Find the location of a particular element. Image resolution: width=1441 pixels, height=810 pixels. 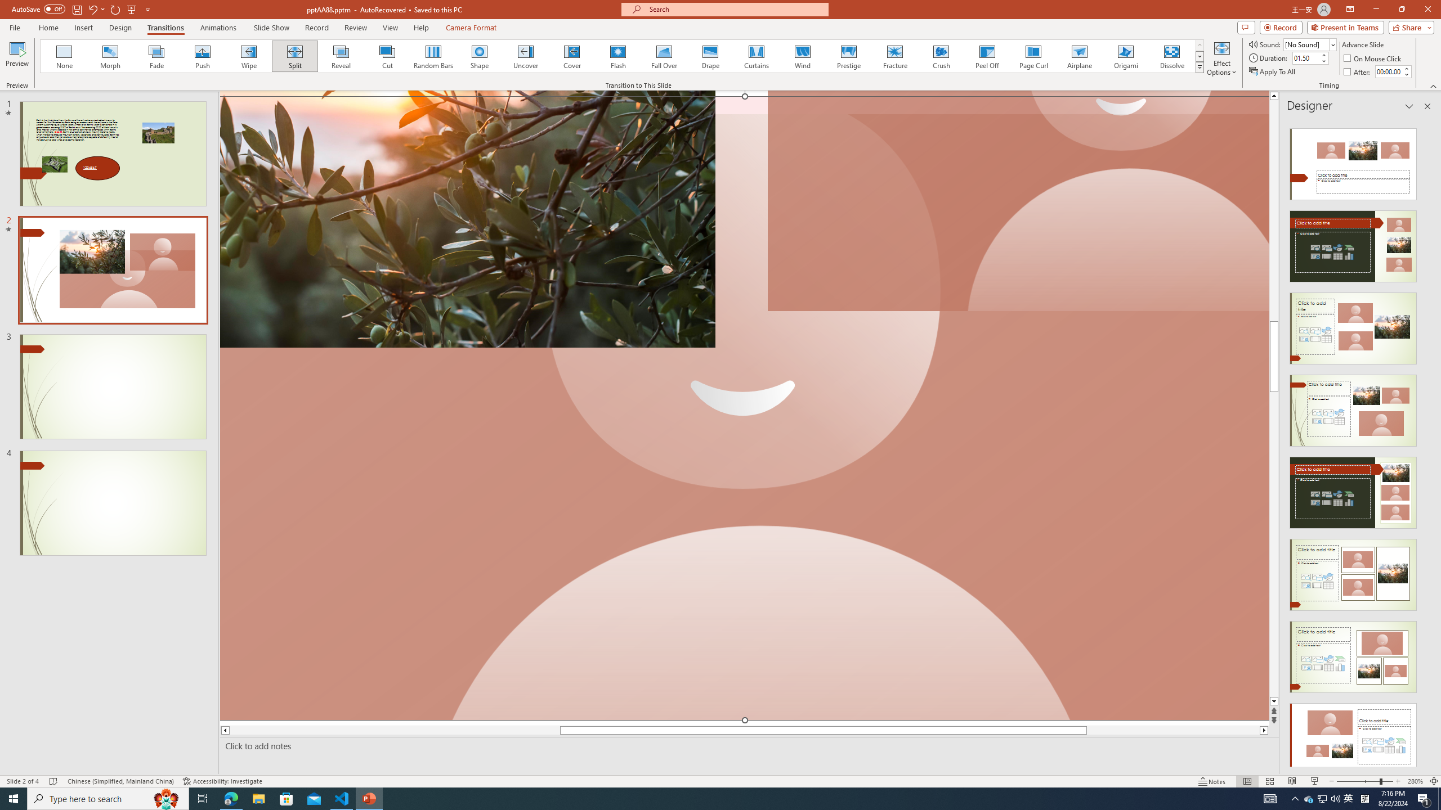

'Zoom 280%' is located at coordinates (1416, 781).